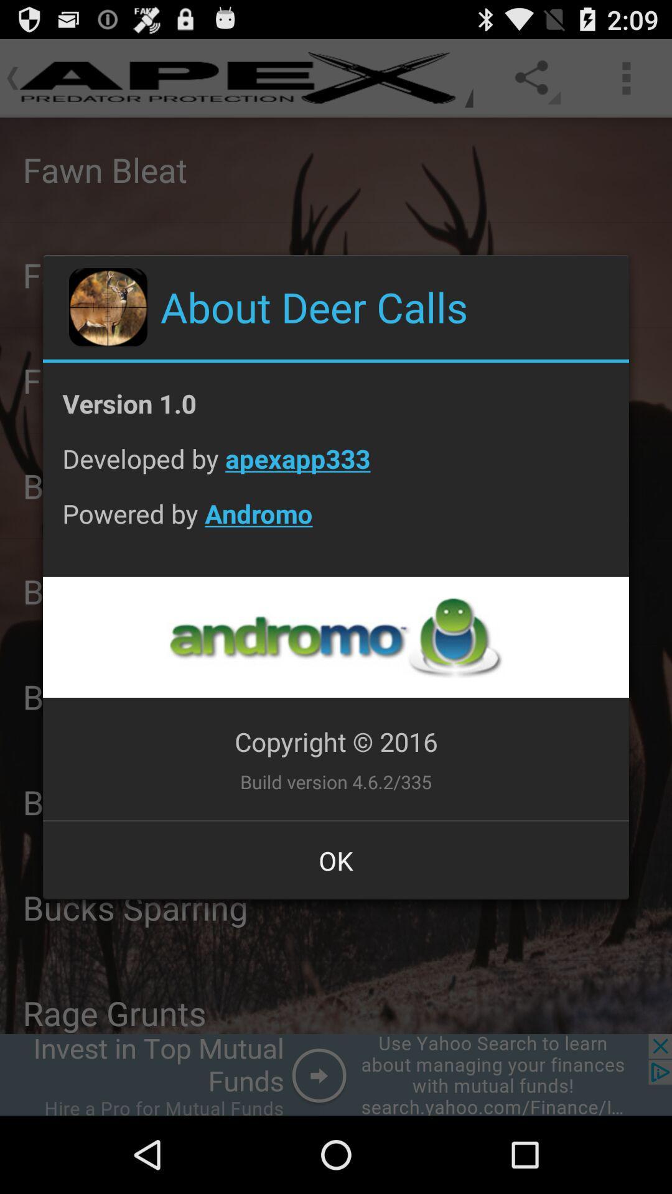 This screenshot has height=1194, width=672. What do you see at coordinates (336, 523) in the screenshot?
I see `powered by andromo app` at bounding box center [336, 523].